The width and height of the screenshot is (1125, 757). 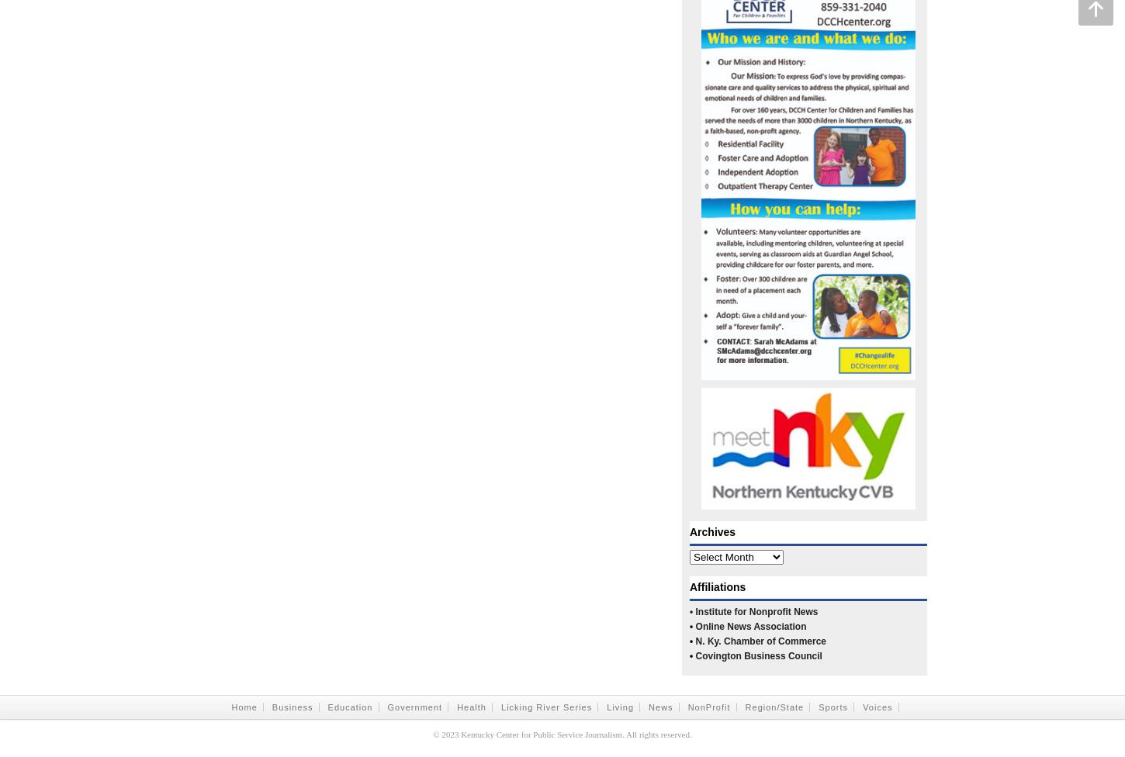 What do you see at coordinates (694, 627) in the screenshot?
I see `'Online News Association'` at bounding box center [694, 627].